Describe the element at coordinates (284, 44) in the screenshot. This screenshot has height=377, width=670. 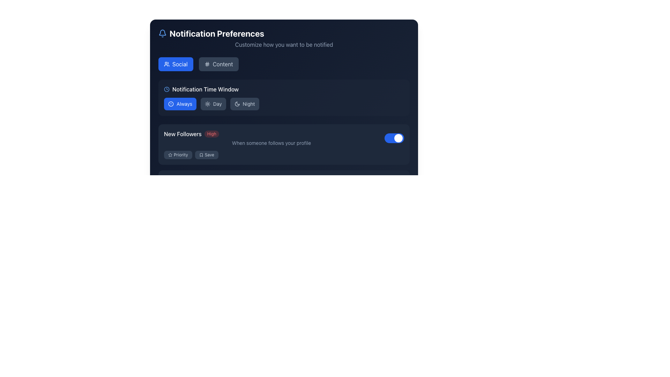
I see `the static text element that reads 'Customize how you want to be notified', which is styled in slate-gray and positioned below the 'Notification Preferences' heading` at that location.